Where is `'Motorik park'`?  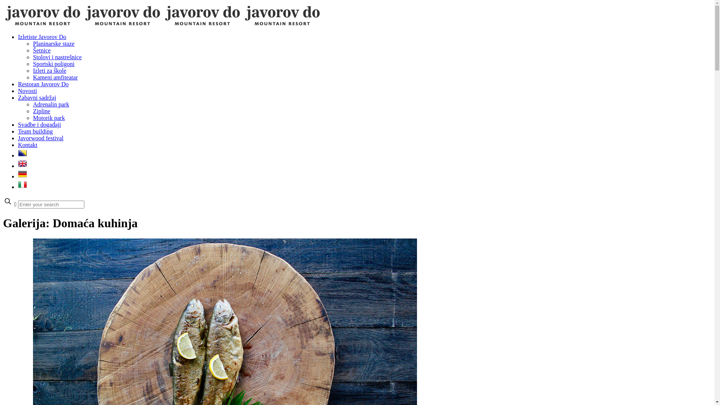
'Motorik park' is located at coordinates (48, 118).